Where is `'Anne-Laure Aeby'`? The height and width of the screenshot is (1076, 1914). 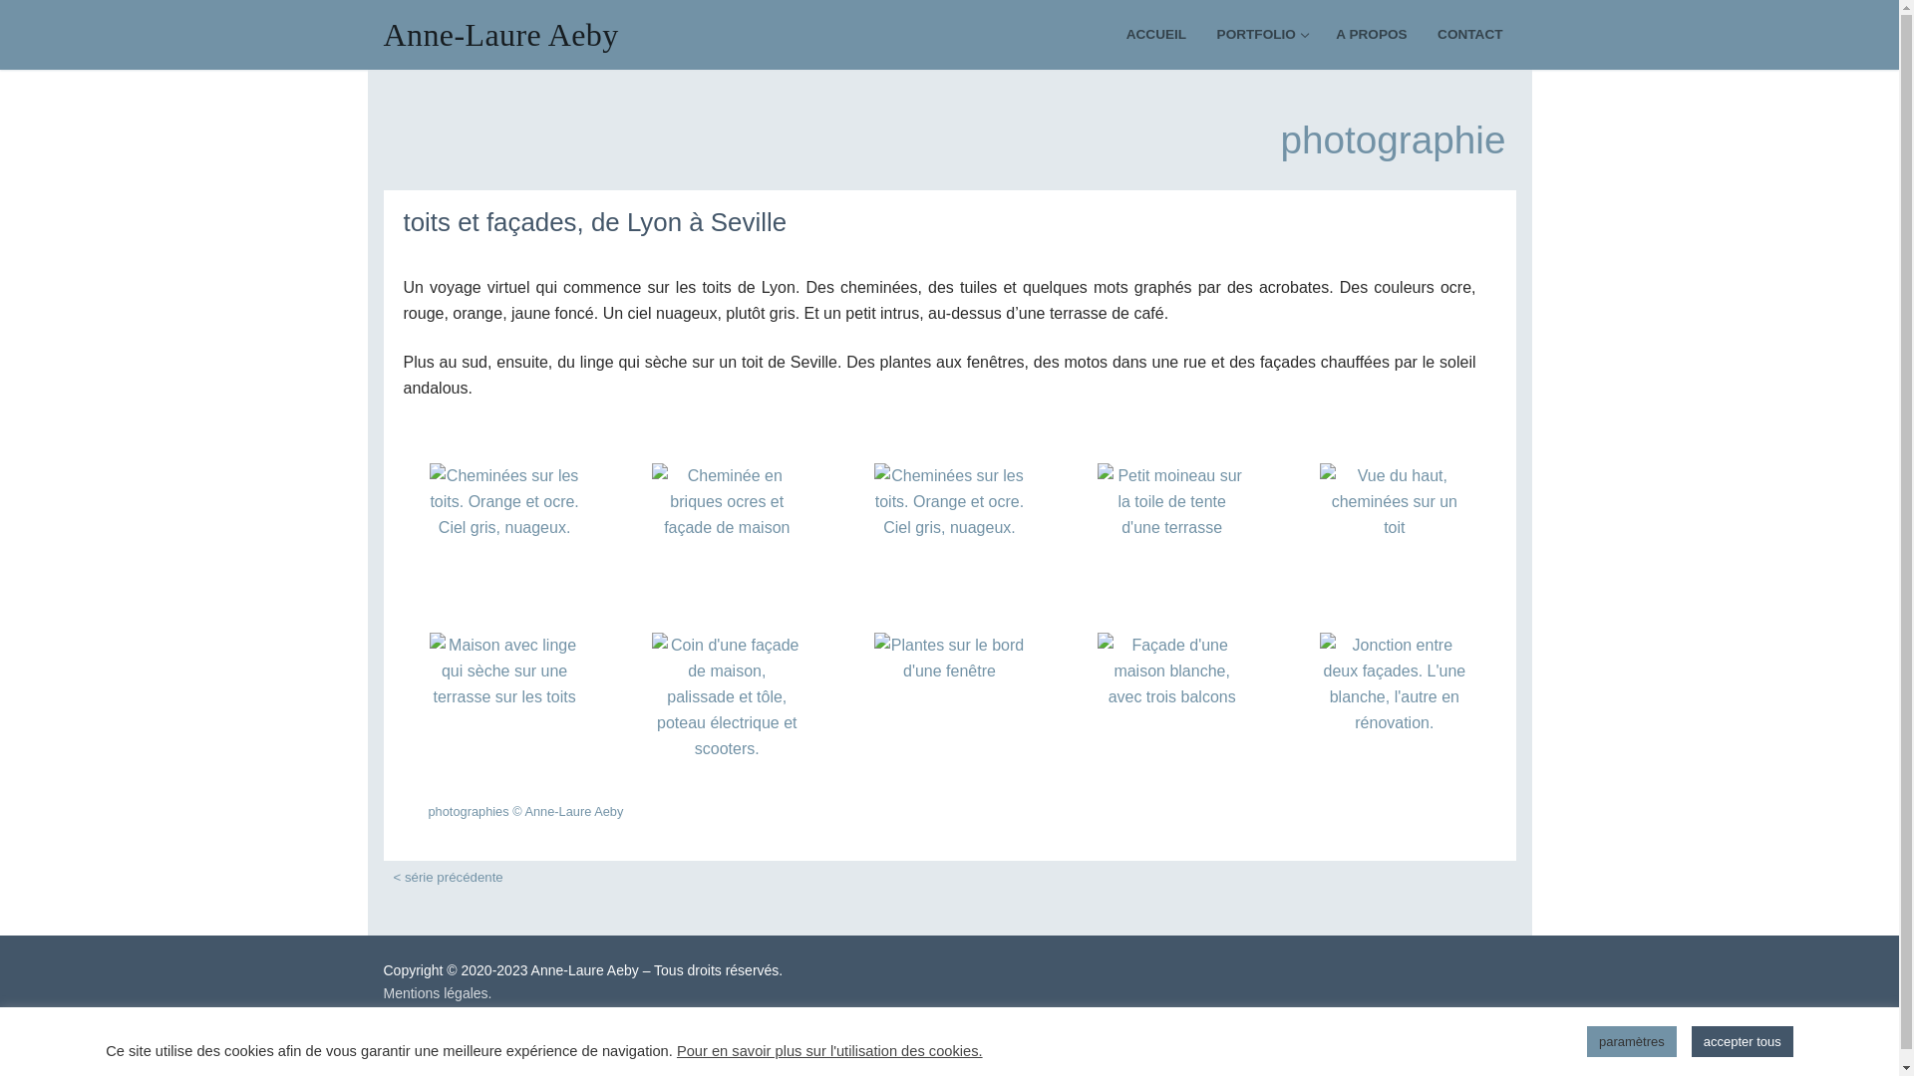 'Anne-Laure Aeby' is located at coordinates (383, 35).